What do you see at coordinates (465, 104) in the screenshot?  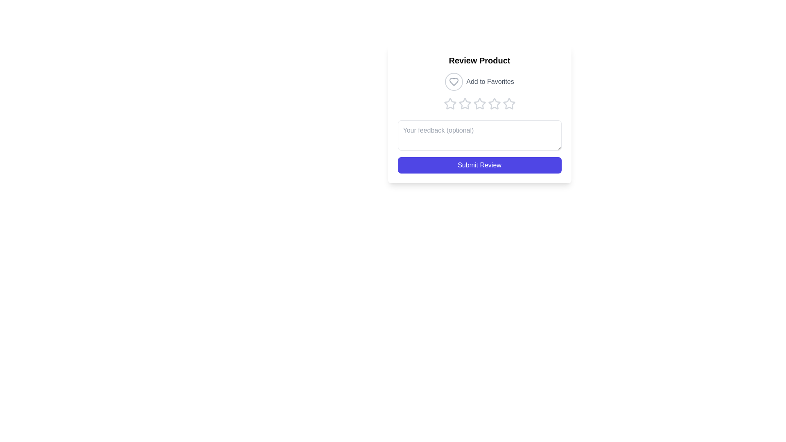 I see `the second star-shaped icon in the rating system to set the rating to two stars` at bounding box center [465, 104].